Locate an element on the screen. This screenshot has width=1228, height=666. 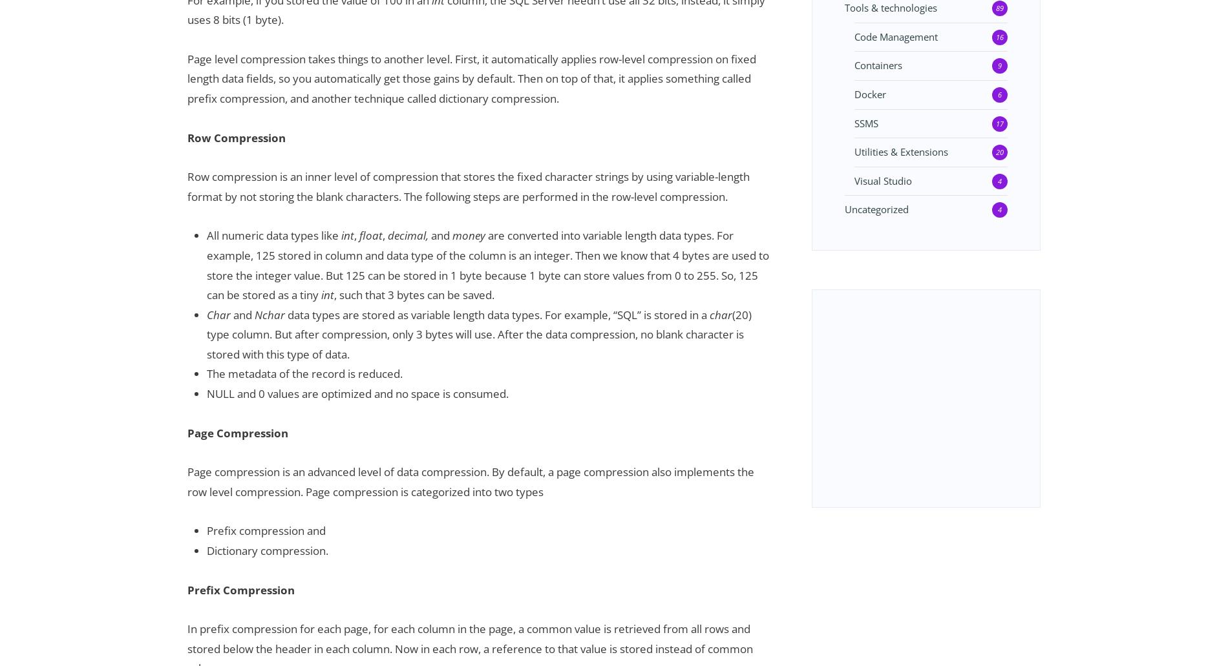
'Prefix Compression' is located at coordinates (240, 589).